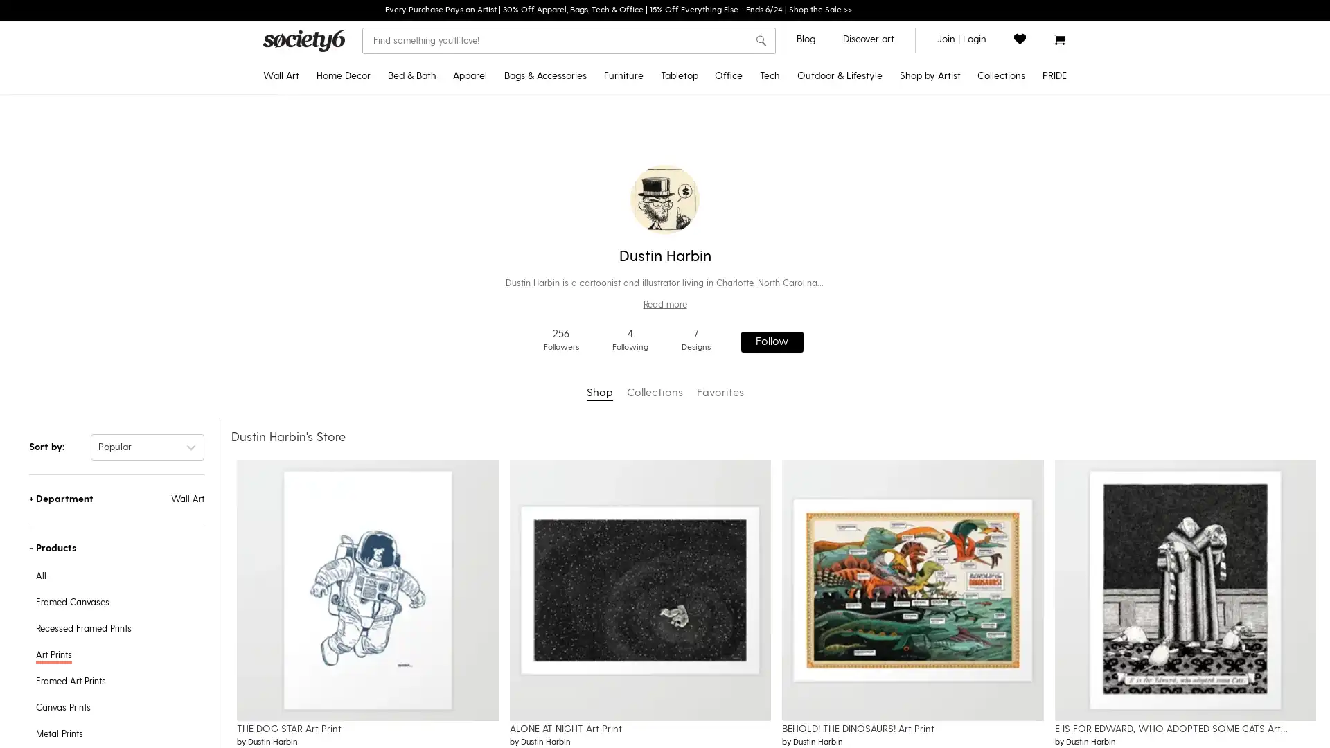 Image resolution: width=1330 pixels, height=748 pixels. I want to click on Laptop Stickers, so click(763, 335).